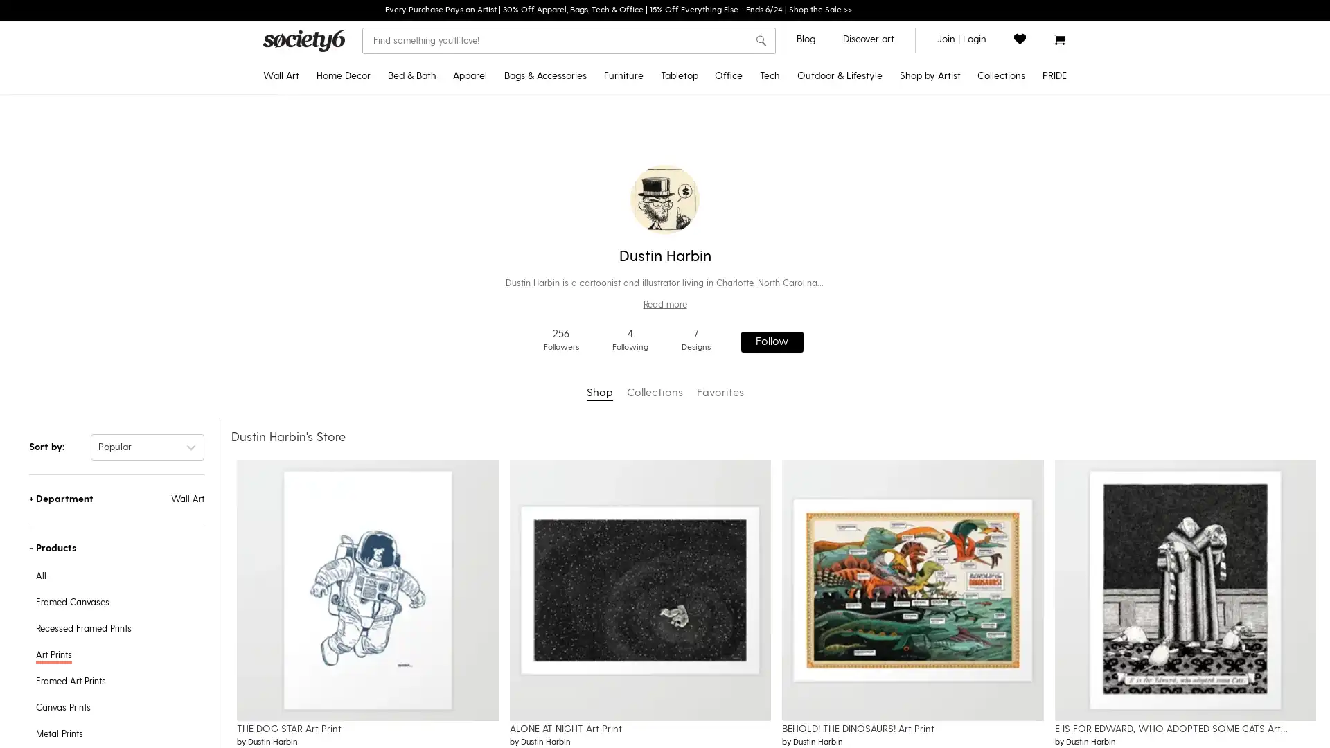 Image resolution: width=1330 pixels, height=748 pixels. I want to click on Laptop Stickers, so click(763, 335).